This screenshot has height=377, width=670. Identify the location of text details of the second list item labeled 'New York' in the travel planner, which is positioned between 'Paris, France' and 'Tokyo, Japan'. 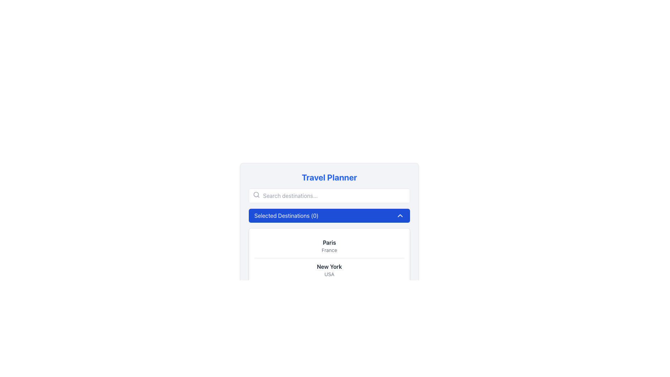
(329, 269).